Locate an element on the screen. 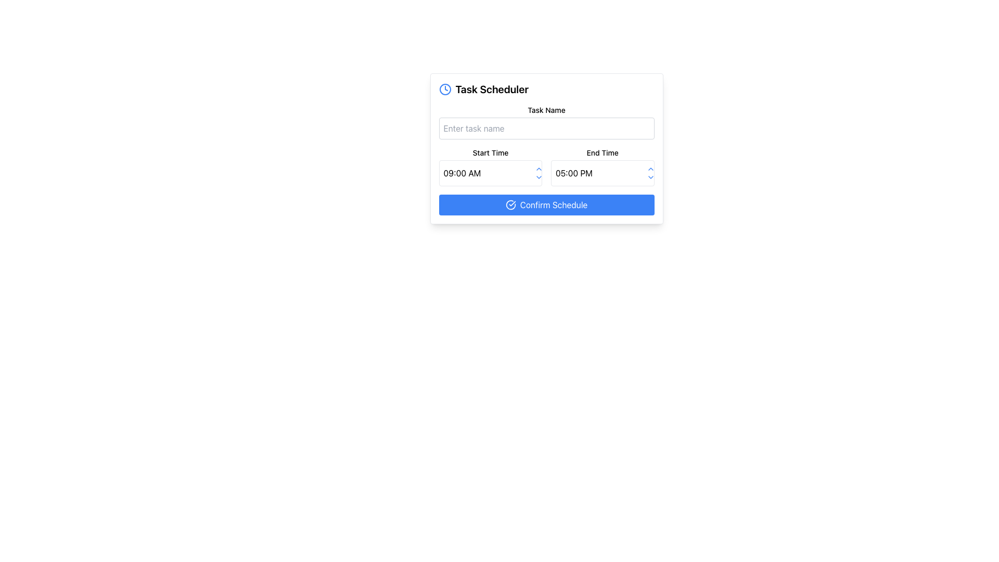 The width and height of the screenshot is (999, 562). the decorative confirmation icon located to the left of the 'Confirm Schedule' button text is located at coordinates (510, 205).